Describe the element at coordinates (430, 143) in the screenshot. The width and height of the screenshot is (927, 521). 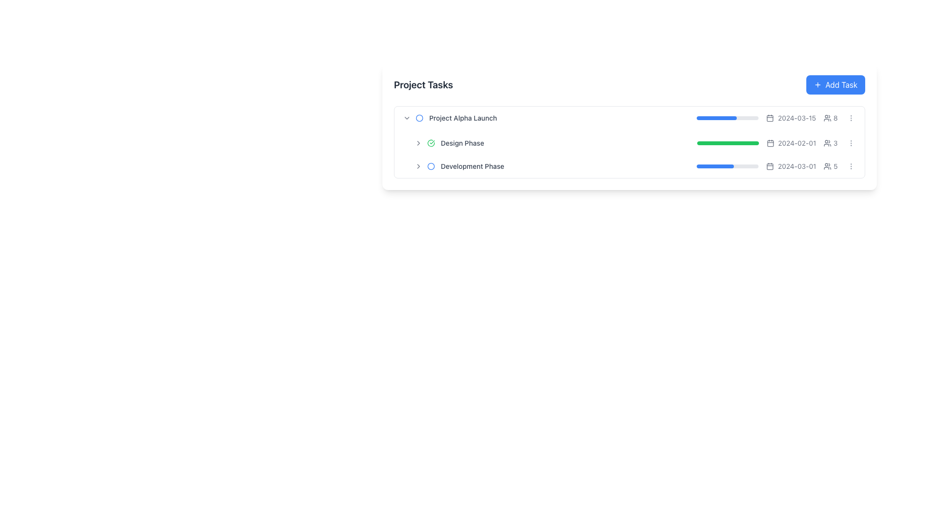
I see `the completion status icon located to the left of the 'Design Phase' text label to interact with it` at that location.